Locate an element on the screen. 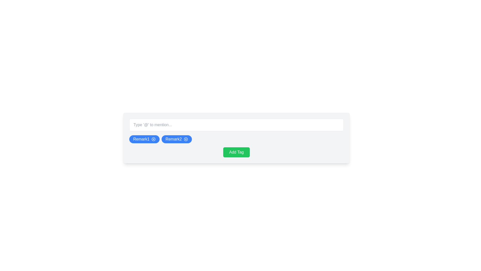 The width and height of the screenshot is (481, 271). the circular icon button with an 'X' mark, which is located to the immediate right of the text 'Remark2' within a blue rounded button is located at coordinates (185, 139).